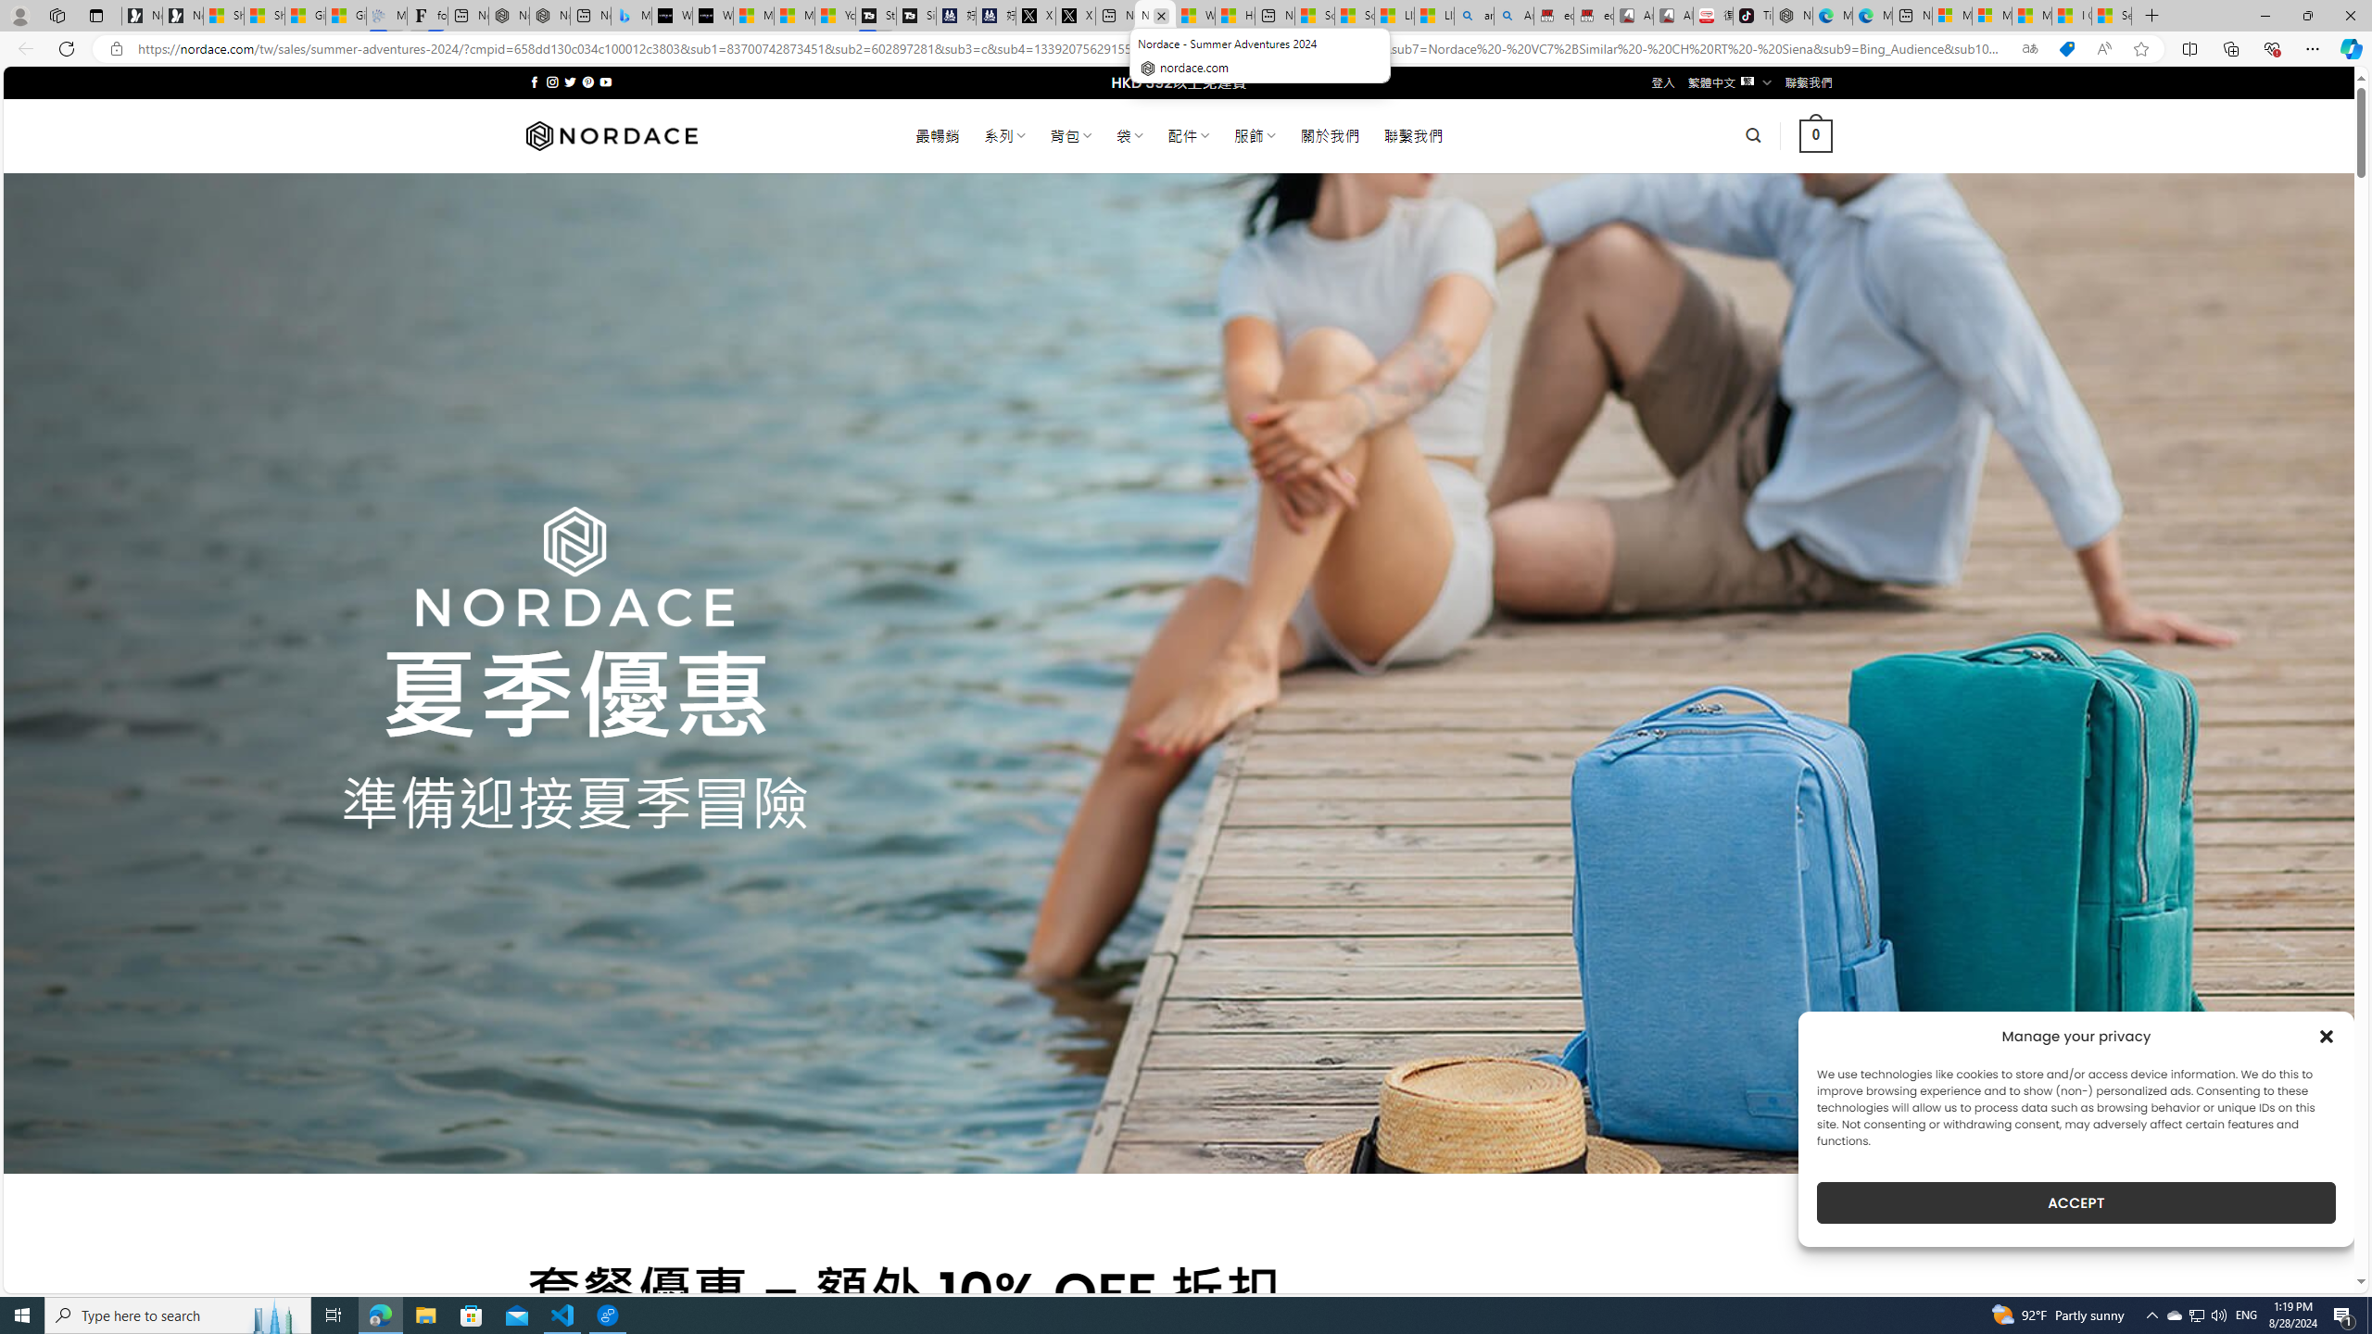 This screenshot has width=2372, height=1334. Describe the element at coordinates (605, 82) in the screenshot. I see `'Follow on YouTube'` at that location.